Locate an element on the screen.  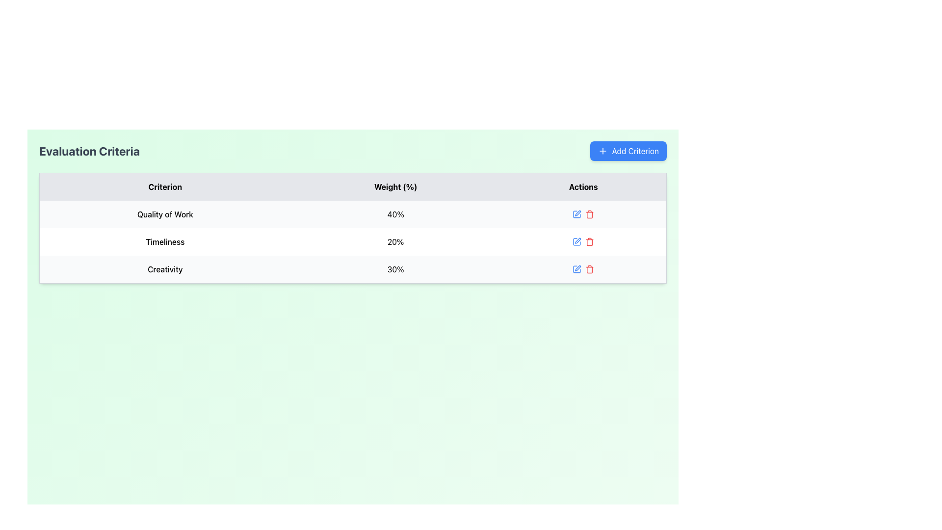
the edit action icon, which resembles an angled pen, located in the 'Actions' column of the table row for 'Timeliness' is located at coordinates (578, 240).